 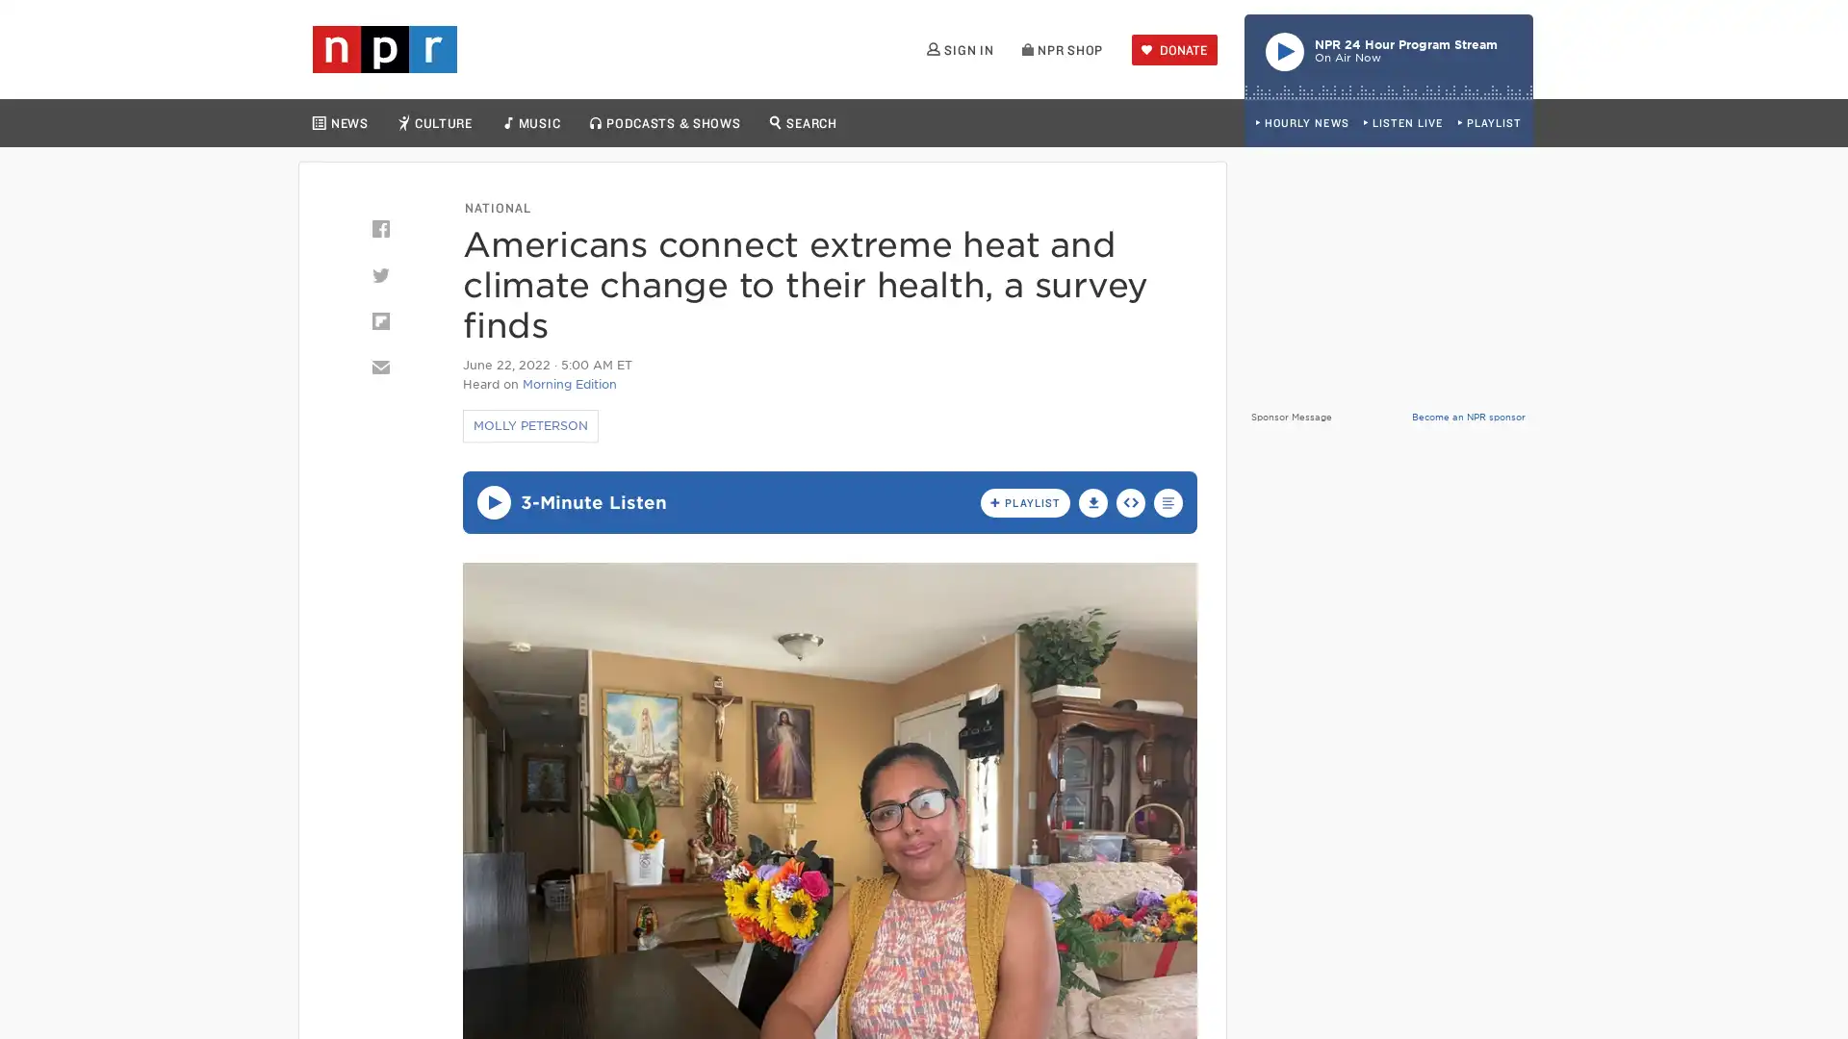 I want to click on LISTEN LIVE, so click(x=1402, y=123).